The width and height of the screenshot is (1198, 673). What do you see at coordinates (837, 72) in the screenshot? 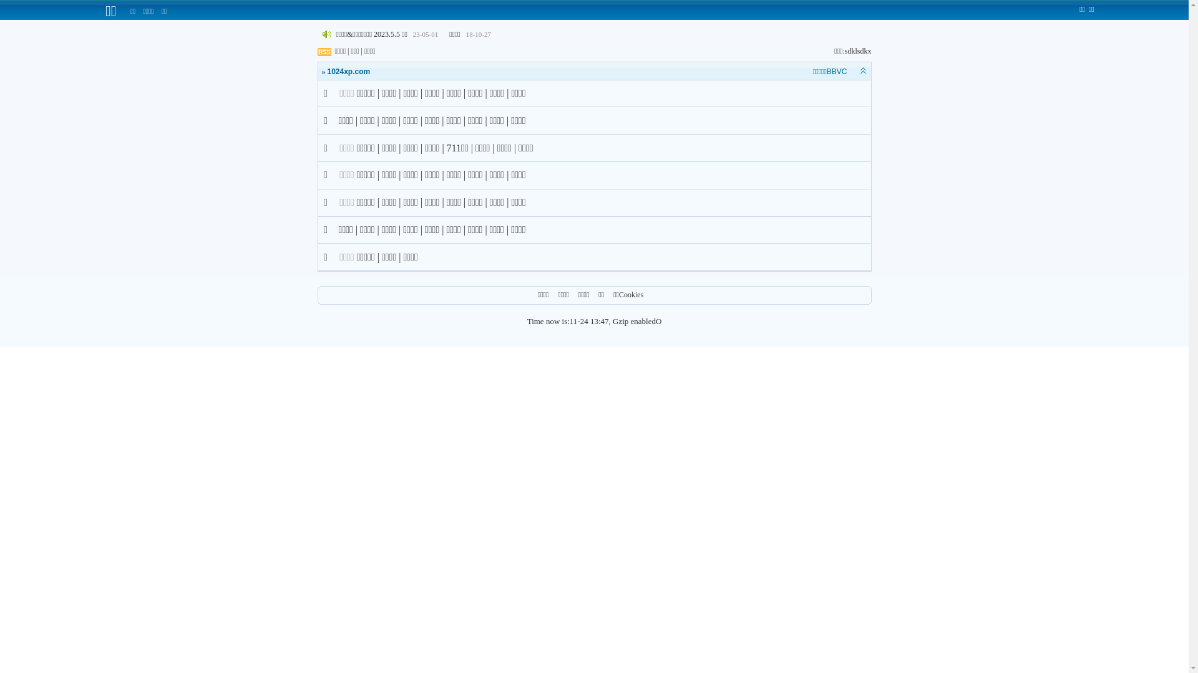
I see `'BBVC'` at bounding box center [837, 72].